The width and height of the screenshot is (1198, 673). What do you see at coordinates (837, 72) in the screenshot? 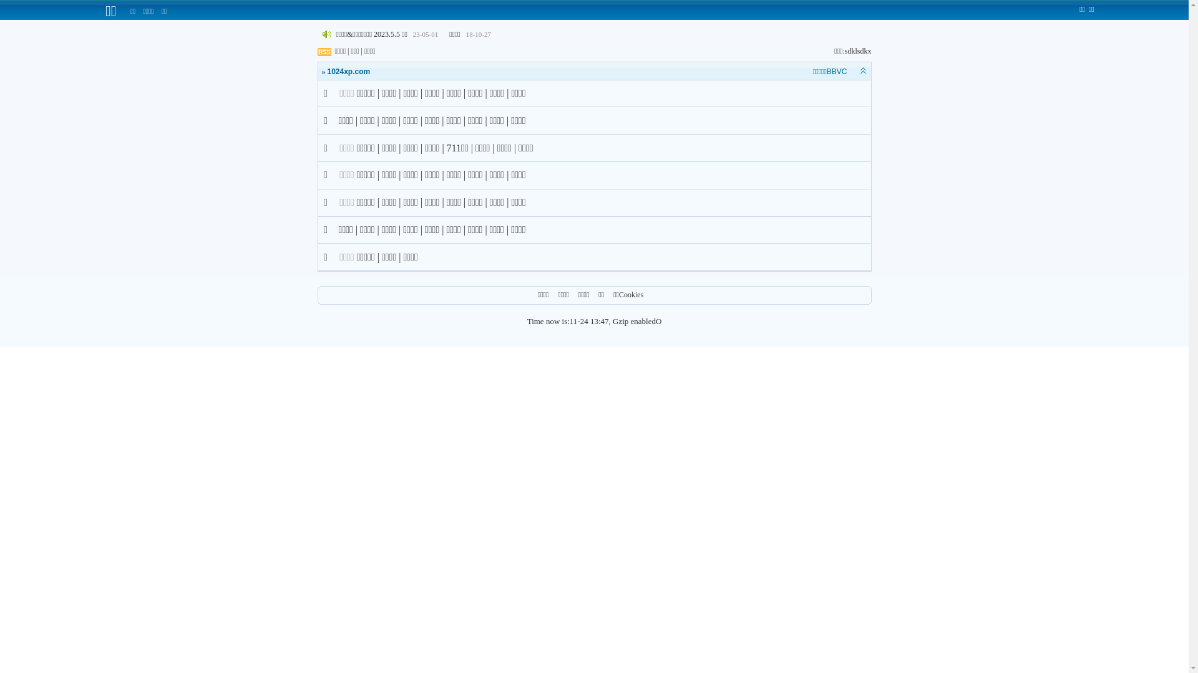
I see `'BBVC'` at bounding box center [837, 72].